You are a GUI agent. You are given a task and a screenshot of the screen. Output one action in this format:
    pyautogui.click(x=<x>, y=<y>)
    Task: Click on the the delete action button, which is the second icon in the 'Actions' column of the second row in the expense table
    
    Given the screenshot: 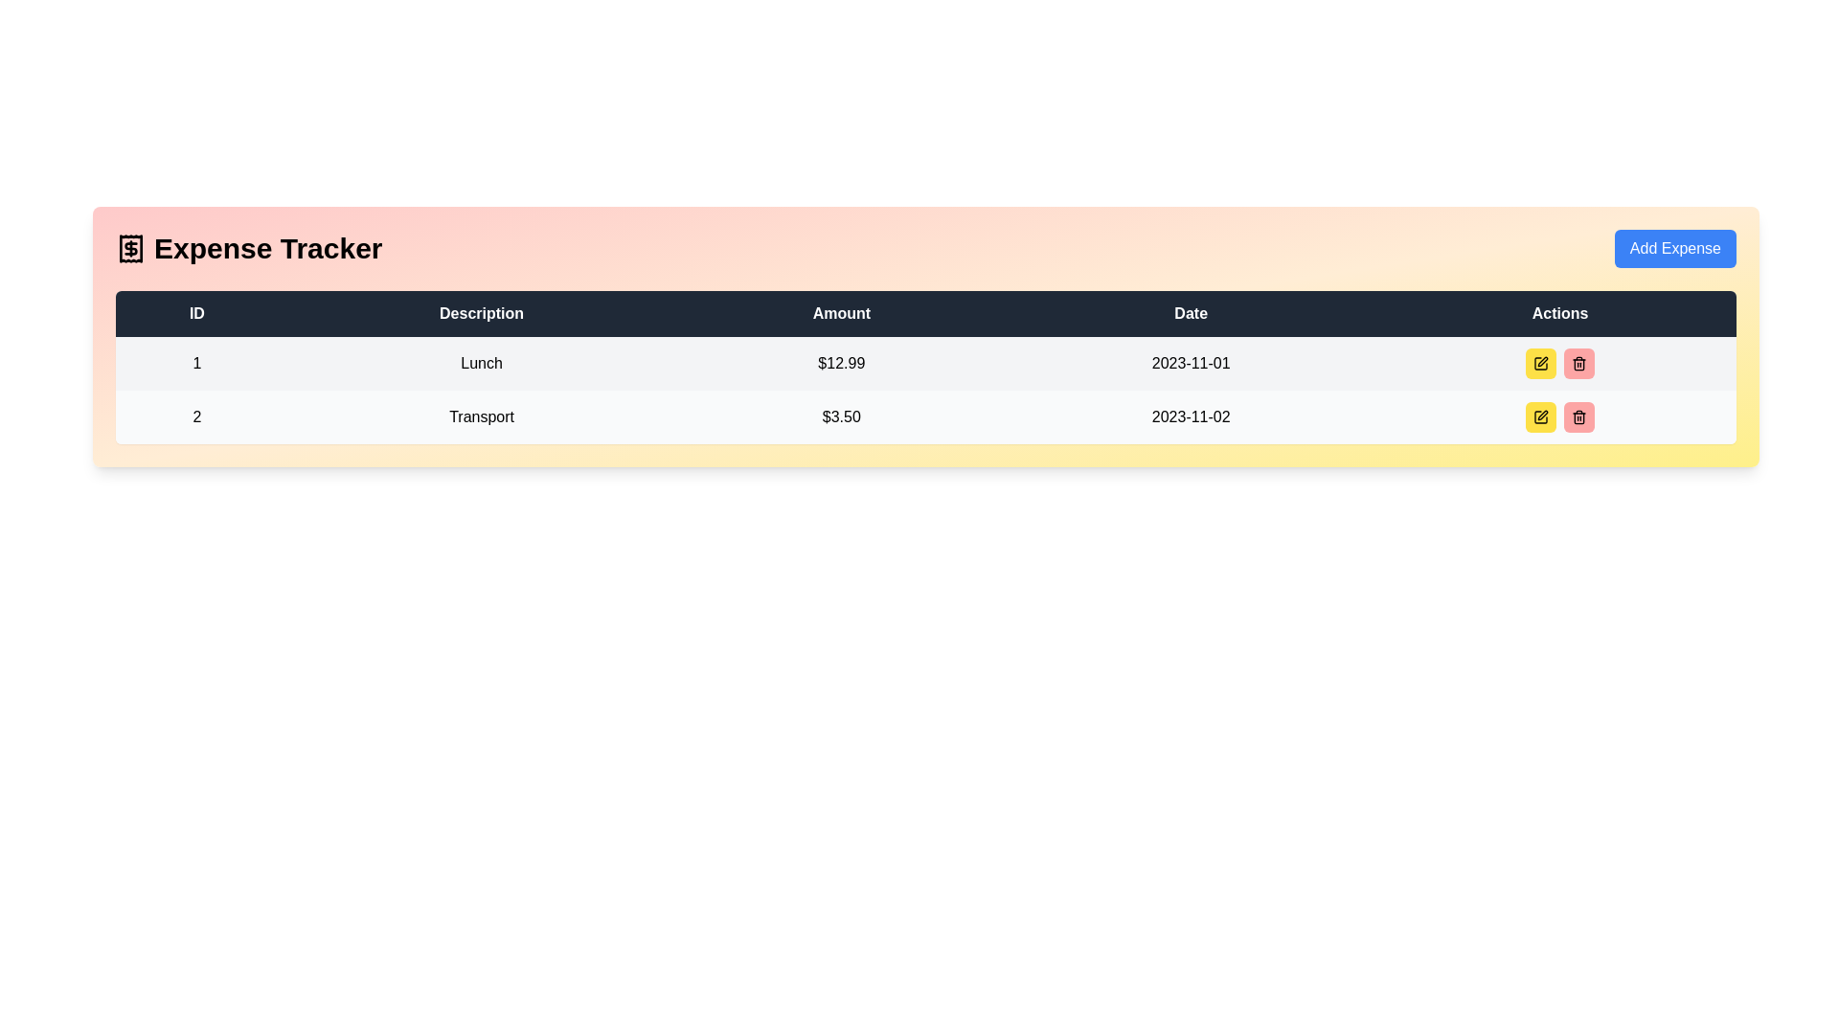 What is the action you would take?
    pyautogui.click(x=1579, y=365)
    